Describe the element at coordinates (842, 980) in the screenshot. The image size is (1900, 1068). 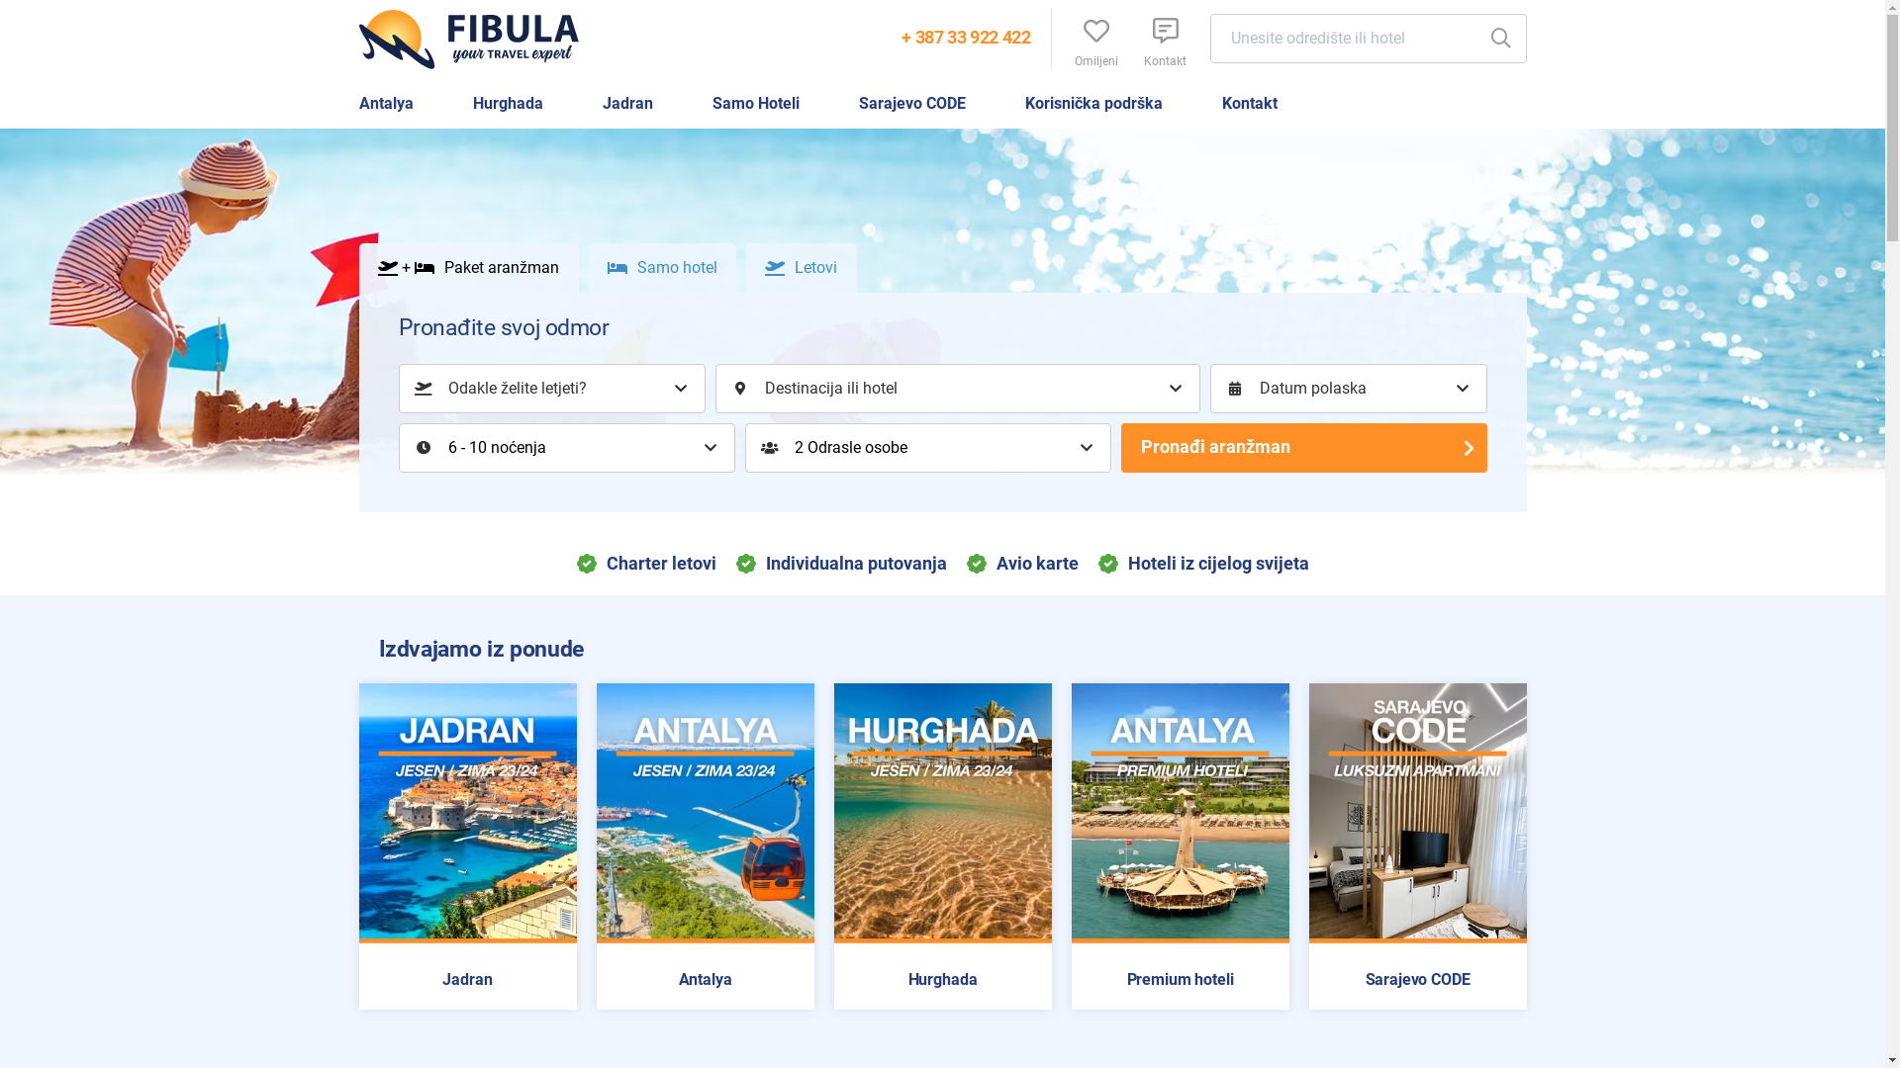
I see `'Hurghada'` at that location.